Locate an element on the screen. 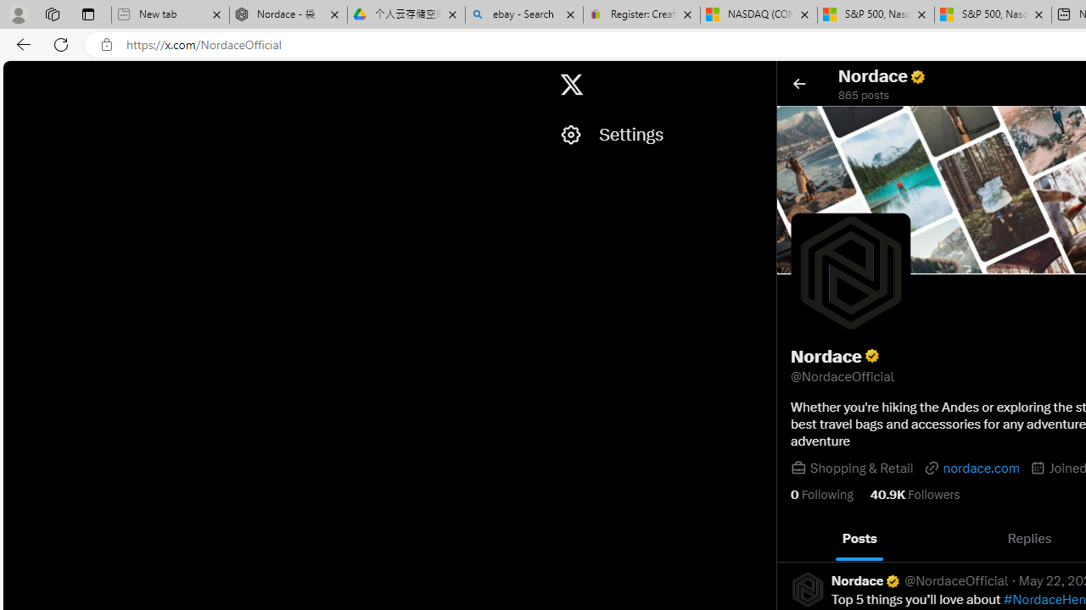 Image resolution: width=1086 pixels, height=610 pixels. 'X' is located at coordinates (571, 85).